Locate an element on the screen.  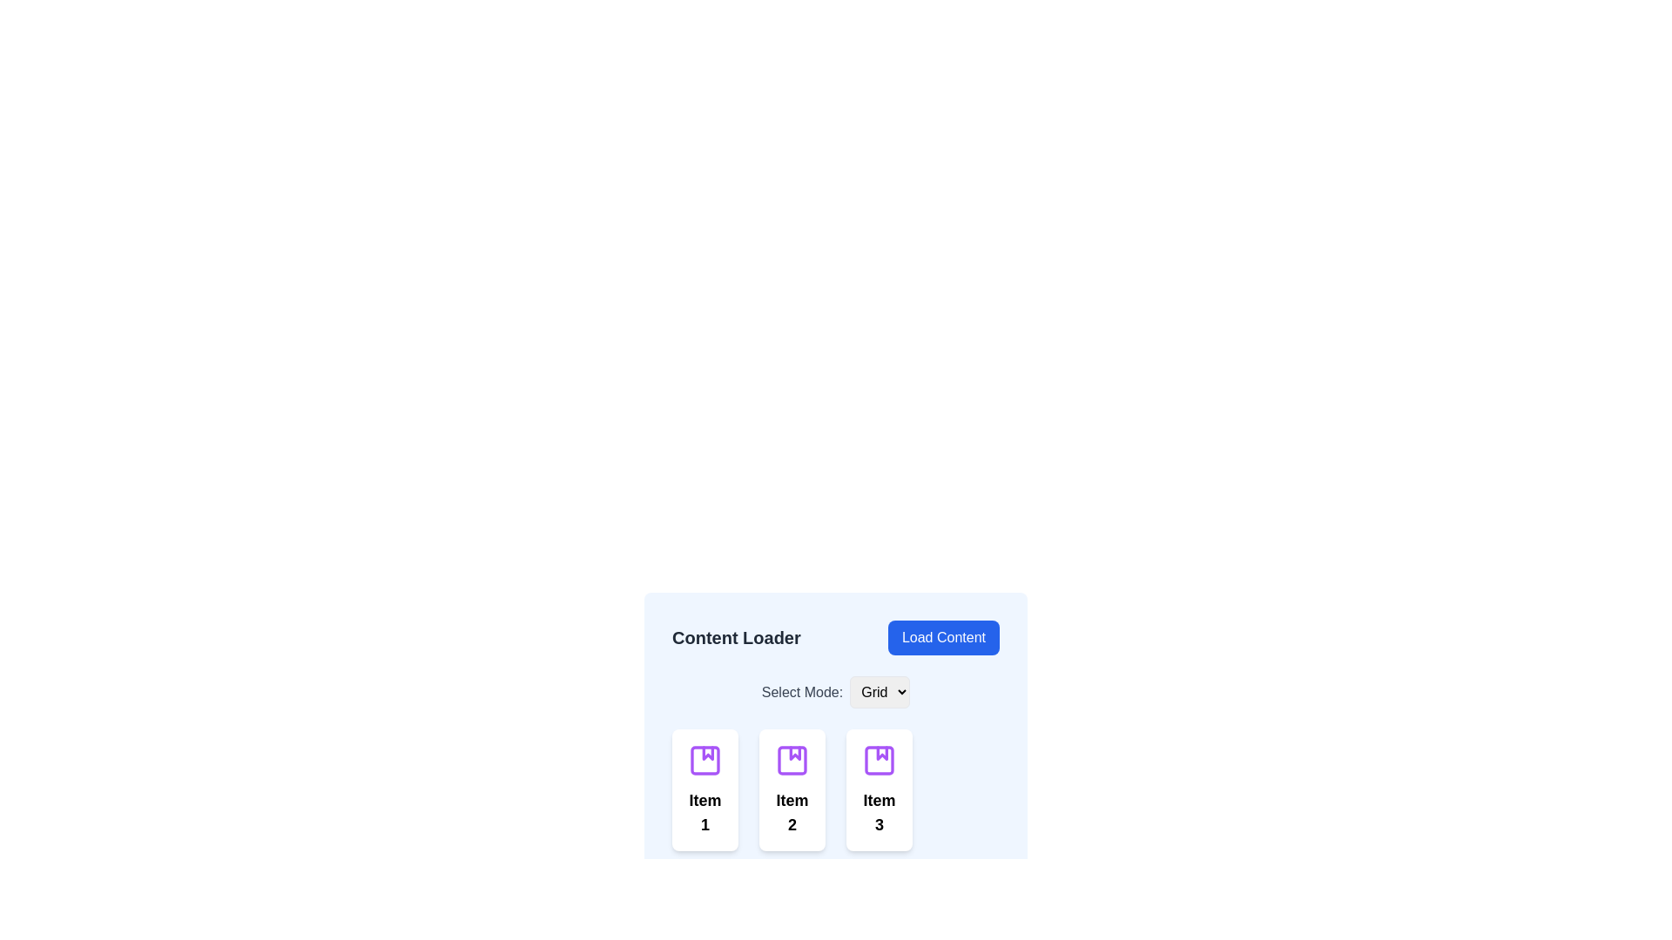
text label displaying 'Item 3' which is styled in bold and centrally aligned within the third card beneath an icon is located at coordinates (879, 812).